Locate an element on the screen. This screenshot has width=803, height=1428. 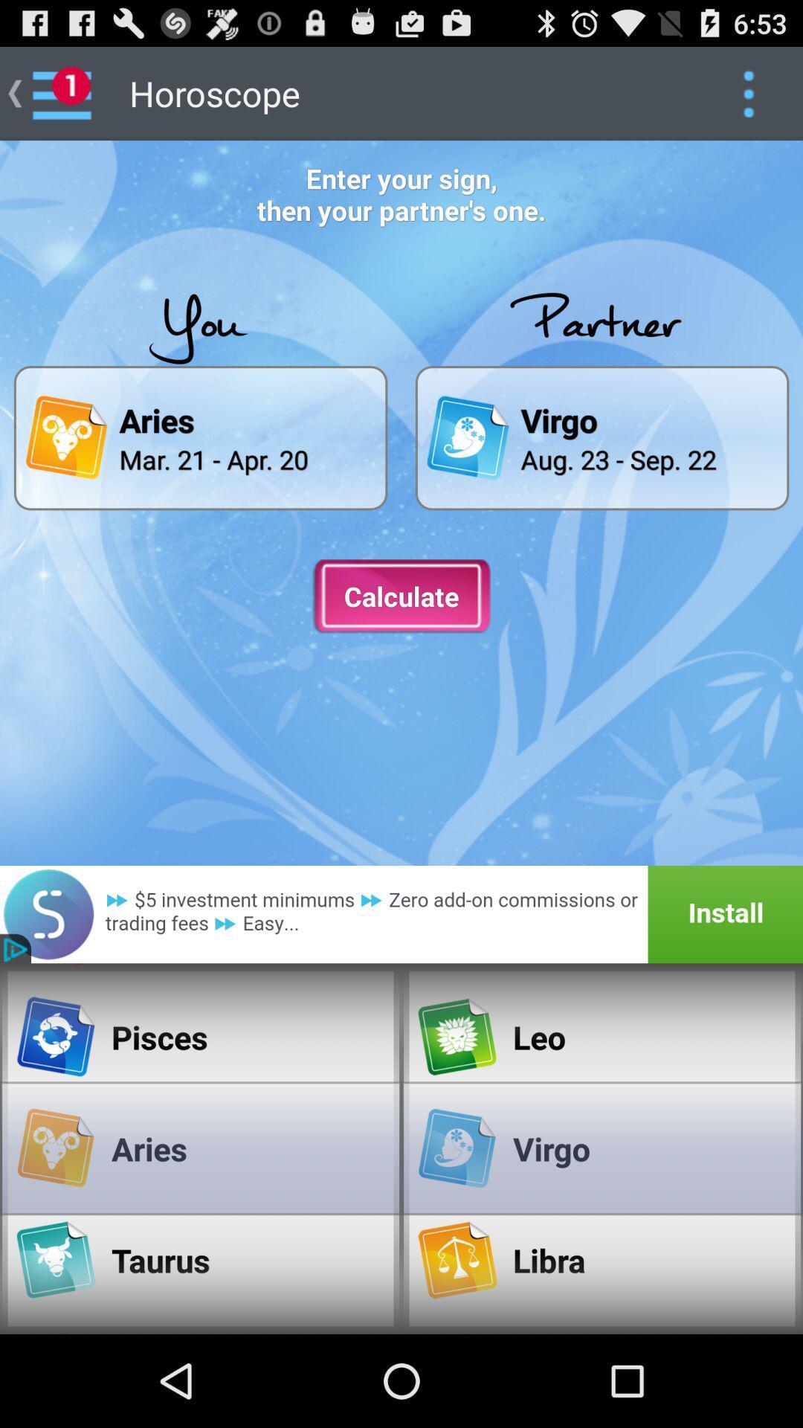
app next to horoscope is located at coordinates (748, 92).